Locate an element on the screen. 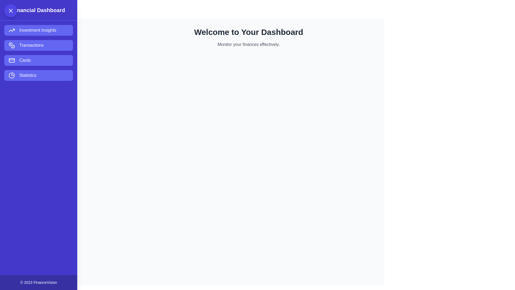  the bold text label reading 'Welcome to Your Dashboard', which is prominently styled and located at the top of the right panel is located at coordinates (248, 32).